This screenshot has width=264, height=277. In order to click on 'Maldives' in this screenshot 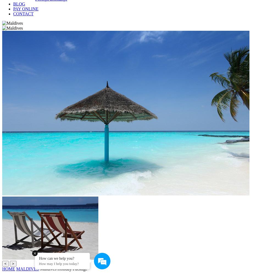, I will do `click(27, 269)`.